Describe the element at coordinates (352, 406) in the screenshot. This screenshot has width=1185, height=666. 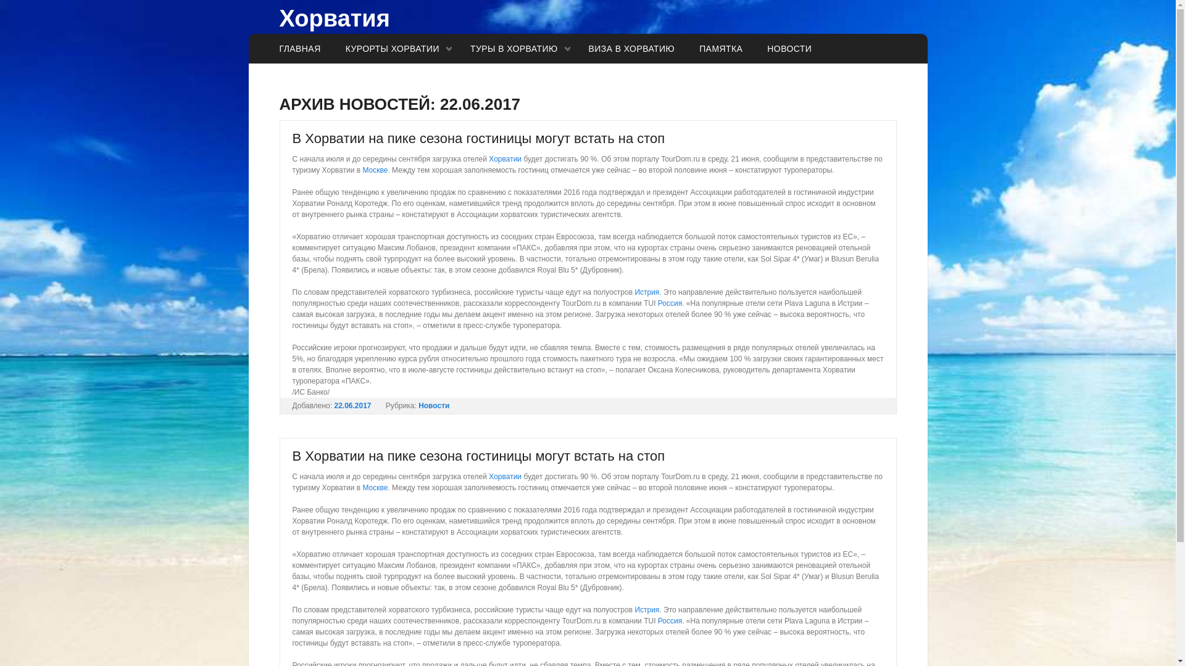
I see `'22.06.2017'` at that location.